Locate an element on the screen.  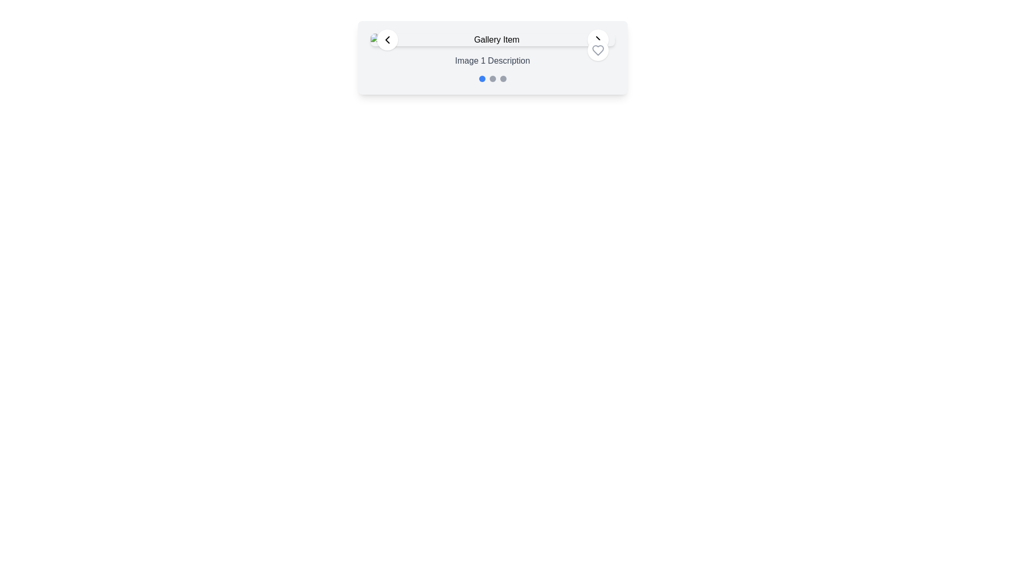
the circular button with a white background and black left-facing chevron icon is located at coordinates (386, 39).